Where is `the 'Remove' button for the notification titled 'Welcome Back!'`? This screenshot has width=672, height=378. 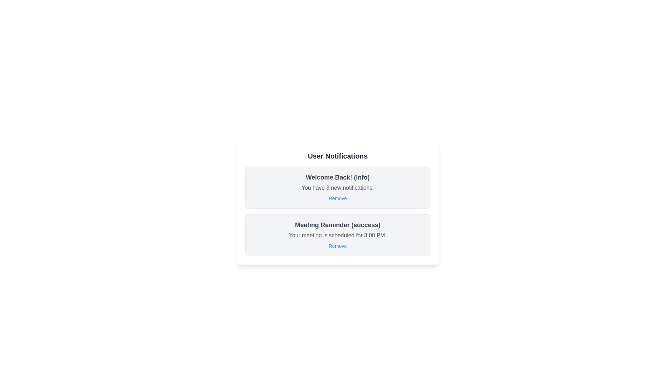
the 'Remove' button for the notification titled 'Welcome Back!' is located at coordinates (337, 198).